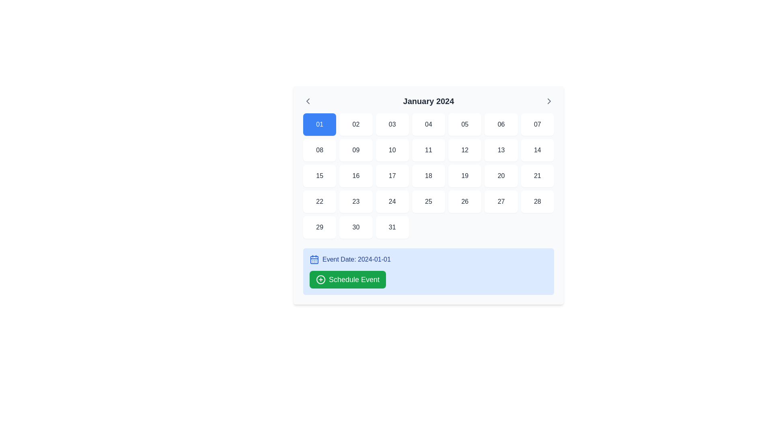  Describe the element at coordinates (319, 201) in the screenshot. I see `and focus on the button representing the 22nd day of the month using keyboard navigation` at that location.